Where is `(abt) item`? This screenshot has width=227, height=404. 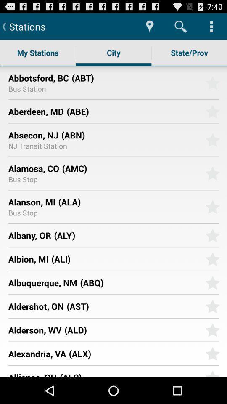 (abt) item is located at coordinates (135, 77).